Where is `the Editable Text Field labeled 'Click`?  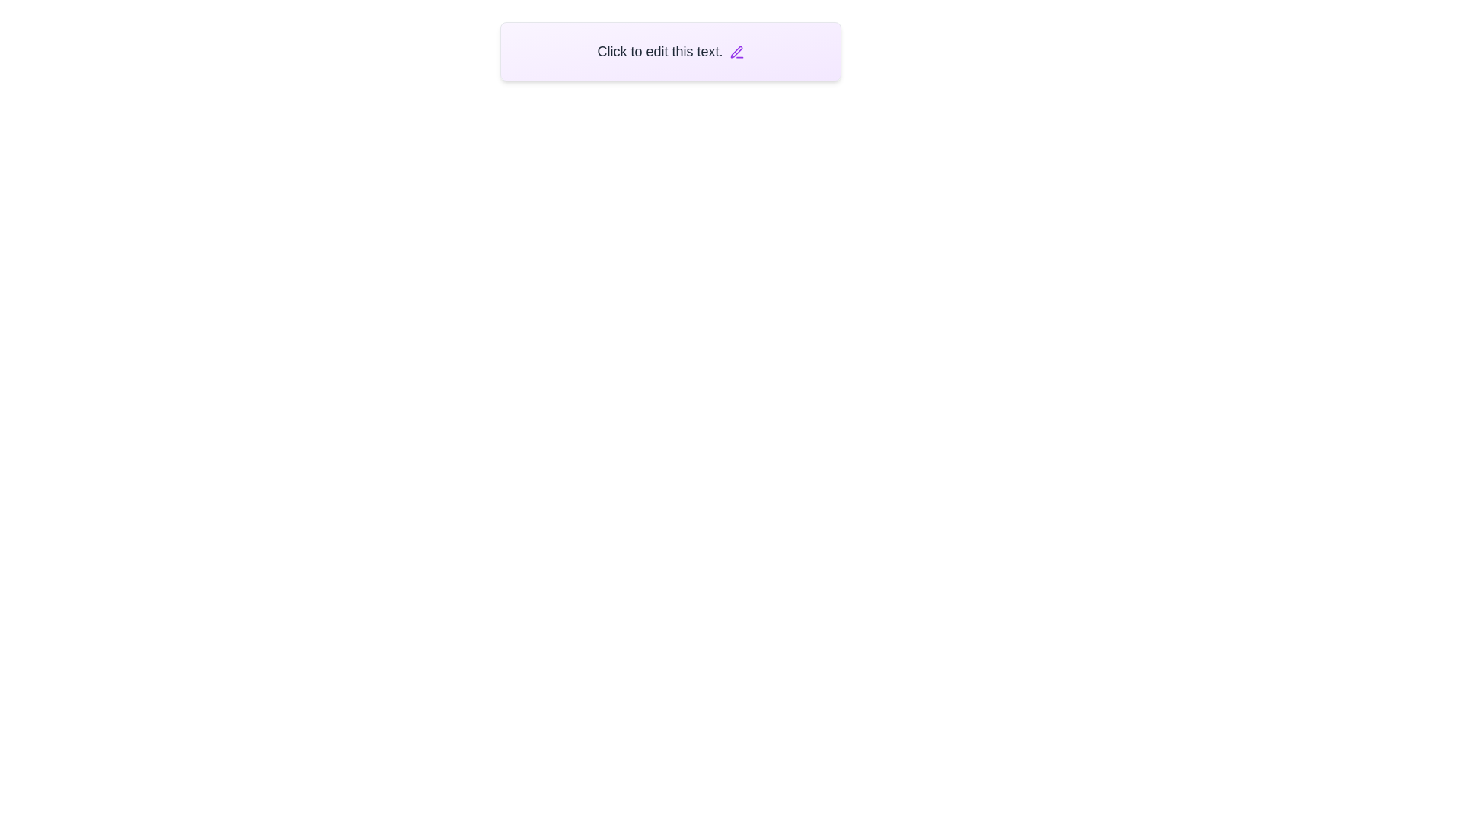
the Editable Text Field labeled 'Click is located at coordinates (670, 51).